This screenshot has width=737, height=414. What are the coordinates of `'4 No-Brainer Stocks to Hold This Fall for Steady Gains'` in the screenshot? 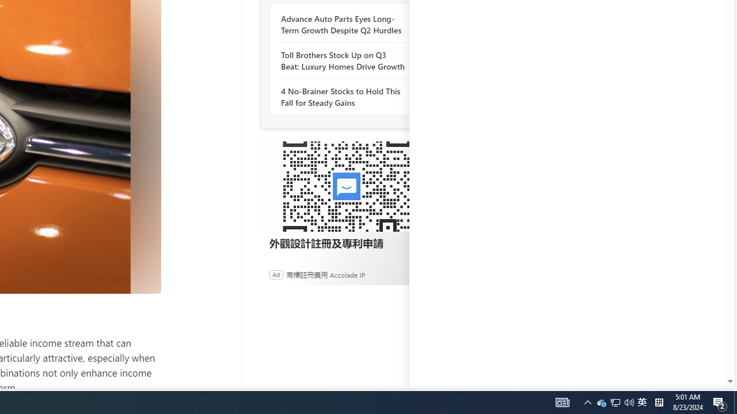 It's located at (343, 96).